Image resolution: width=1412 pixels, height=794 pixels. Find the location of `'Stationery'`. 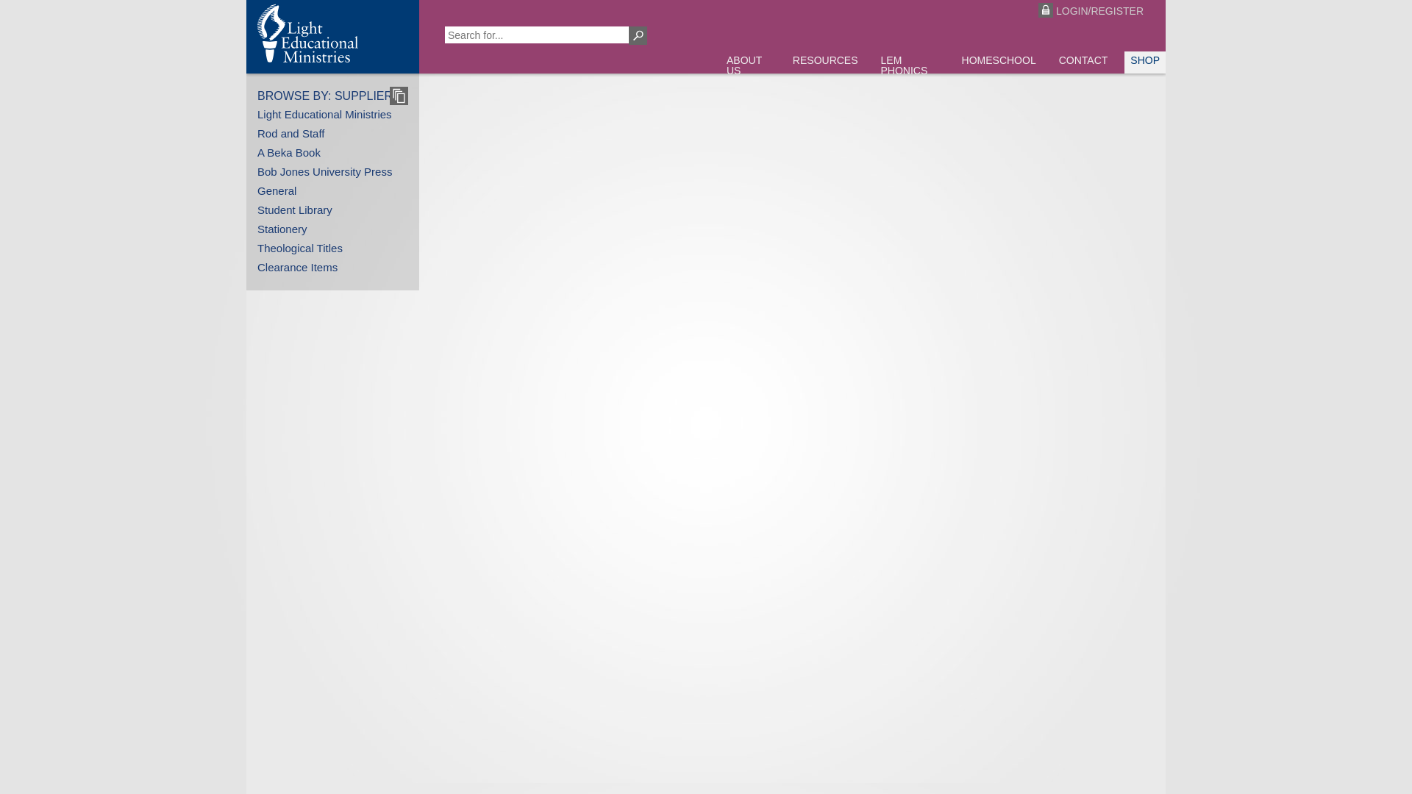

'Stationery' is located at coordinates (282, 229).